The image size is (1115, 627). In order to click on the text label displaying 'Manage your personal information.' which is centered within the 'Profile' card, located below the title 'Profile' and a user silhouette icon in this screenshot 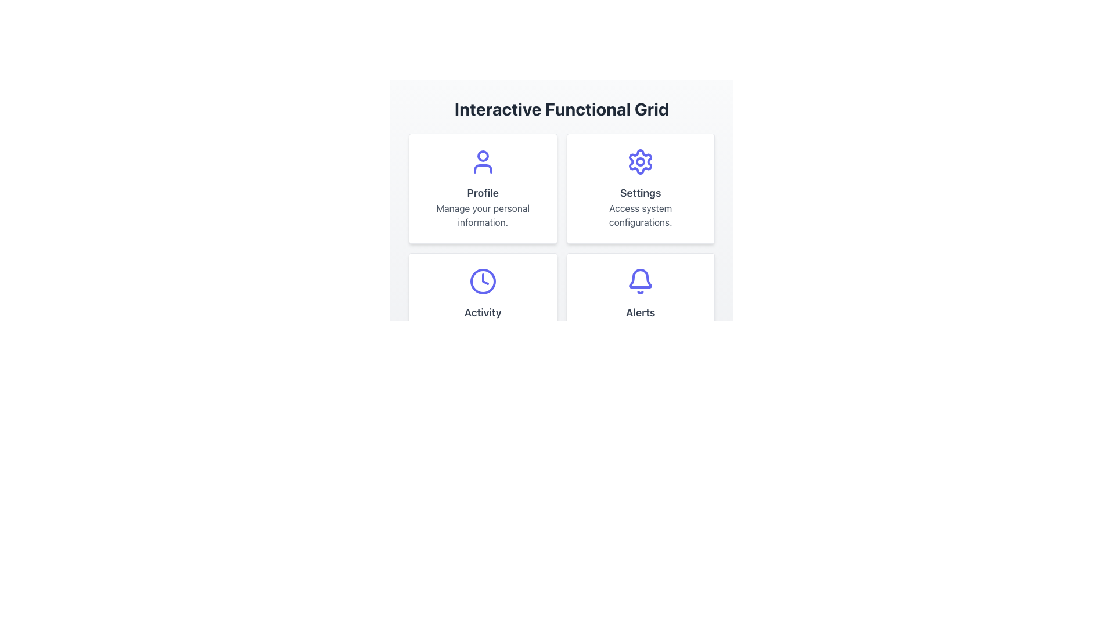, I will do `click(483, 215)`.